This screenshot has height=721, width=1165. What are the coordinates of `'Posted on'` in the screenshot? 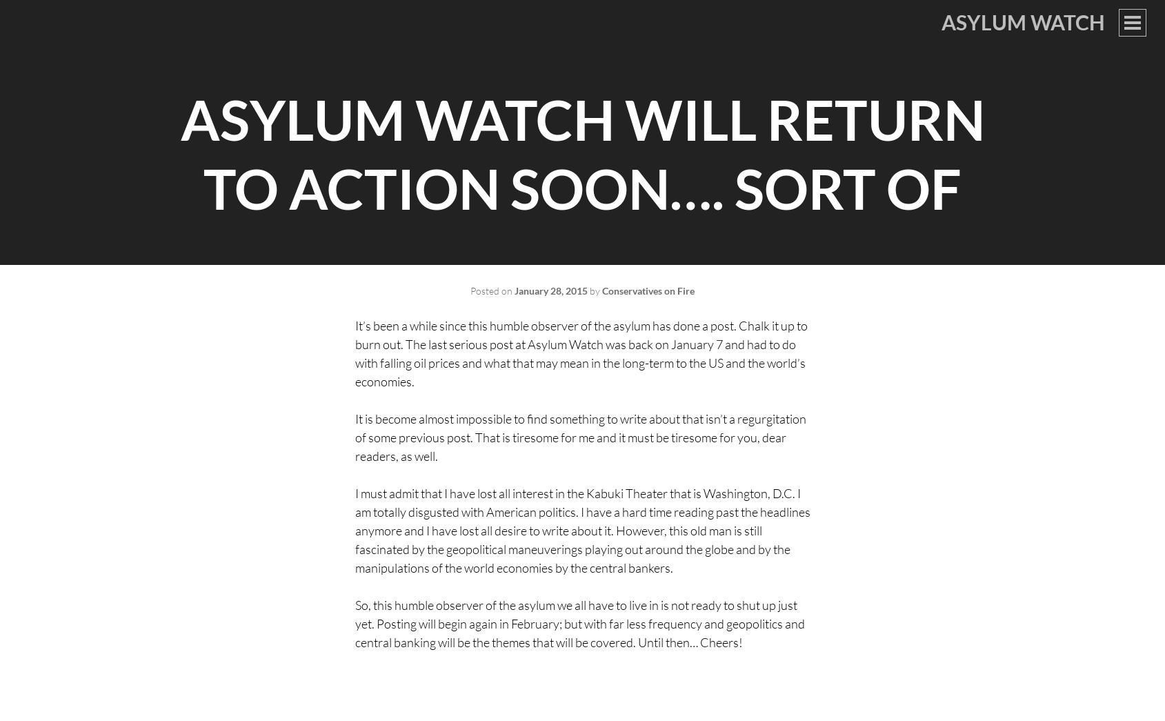 It's located at (492, 290).